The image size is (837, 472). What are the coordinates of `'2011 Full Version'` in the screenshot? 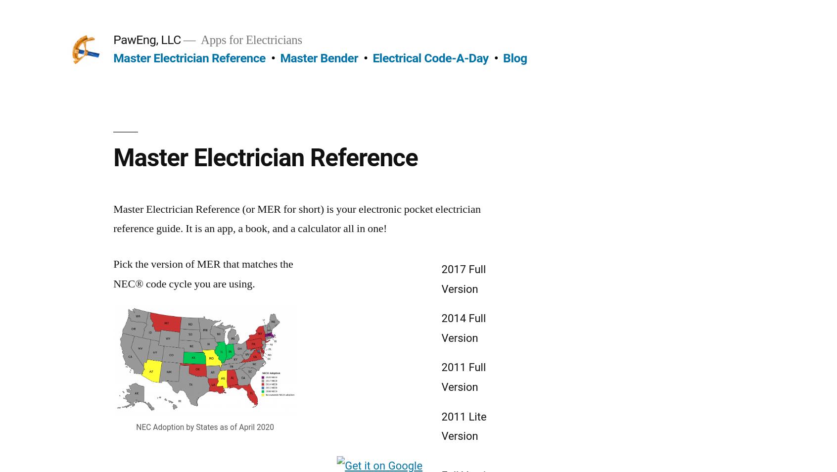 It's located at (464, 377).